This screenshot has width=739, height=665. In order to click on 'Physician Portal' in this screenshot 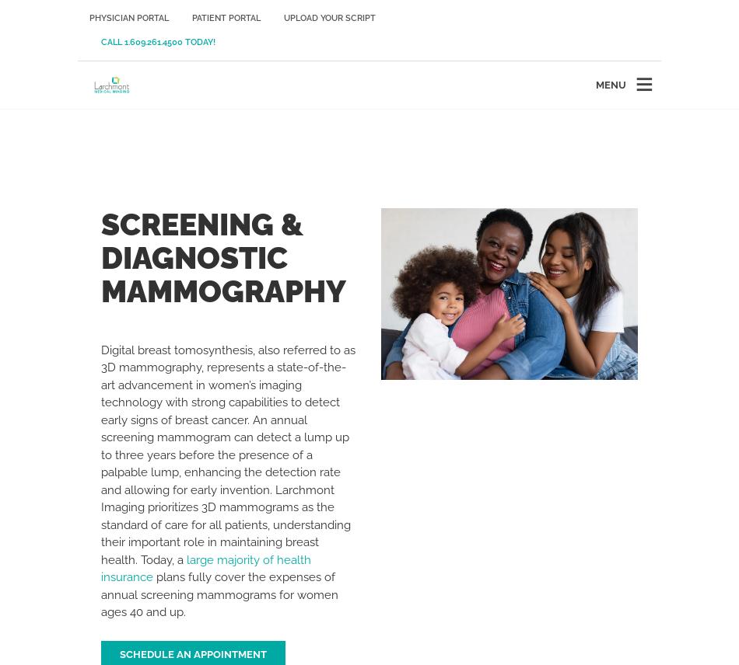, I will do `click(128, 18)`.